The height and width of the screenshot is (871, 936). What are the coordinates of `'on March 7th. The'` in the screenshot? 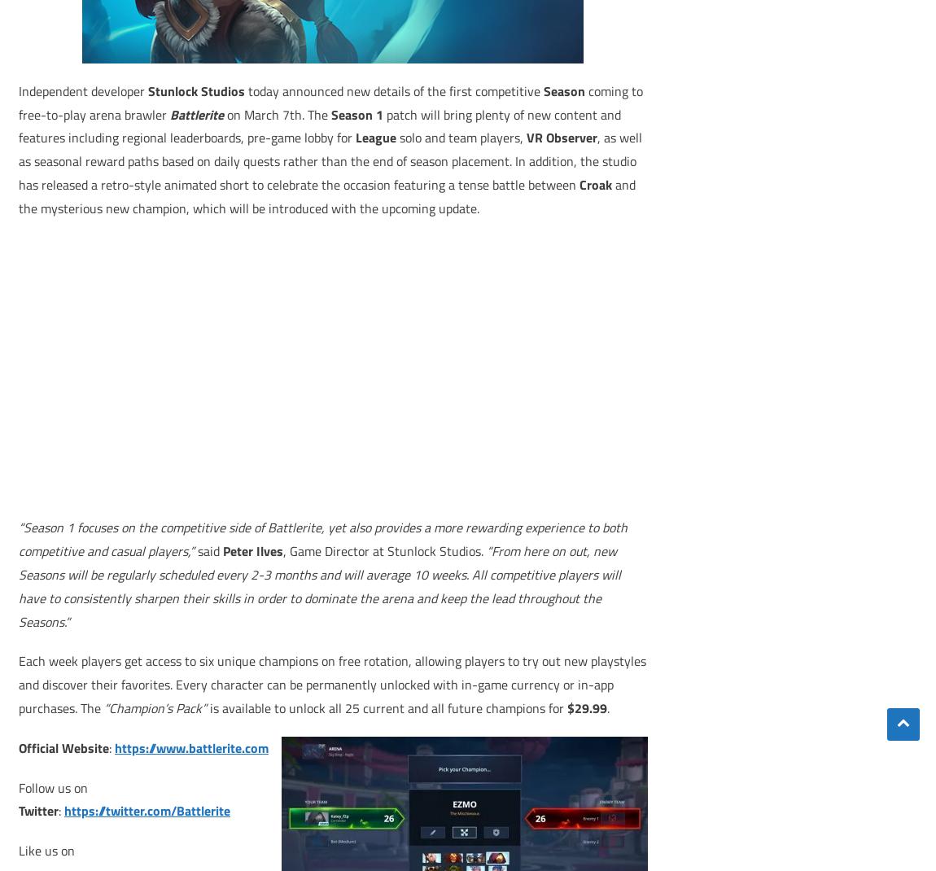 It's located at (279, 113).